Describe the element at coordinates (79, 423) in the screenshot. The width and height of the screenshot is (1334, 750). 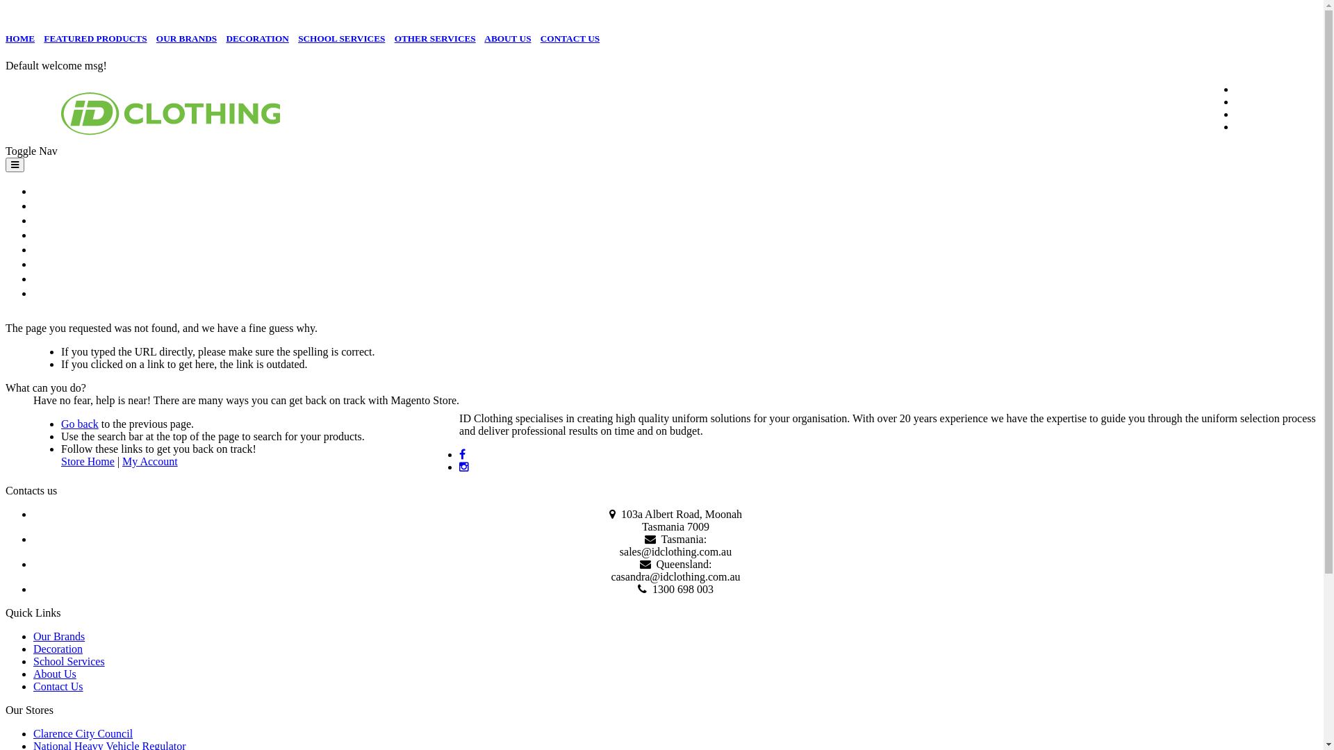
I see `'Go back'` at that location.